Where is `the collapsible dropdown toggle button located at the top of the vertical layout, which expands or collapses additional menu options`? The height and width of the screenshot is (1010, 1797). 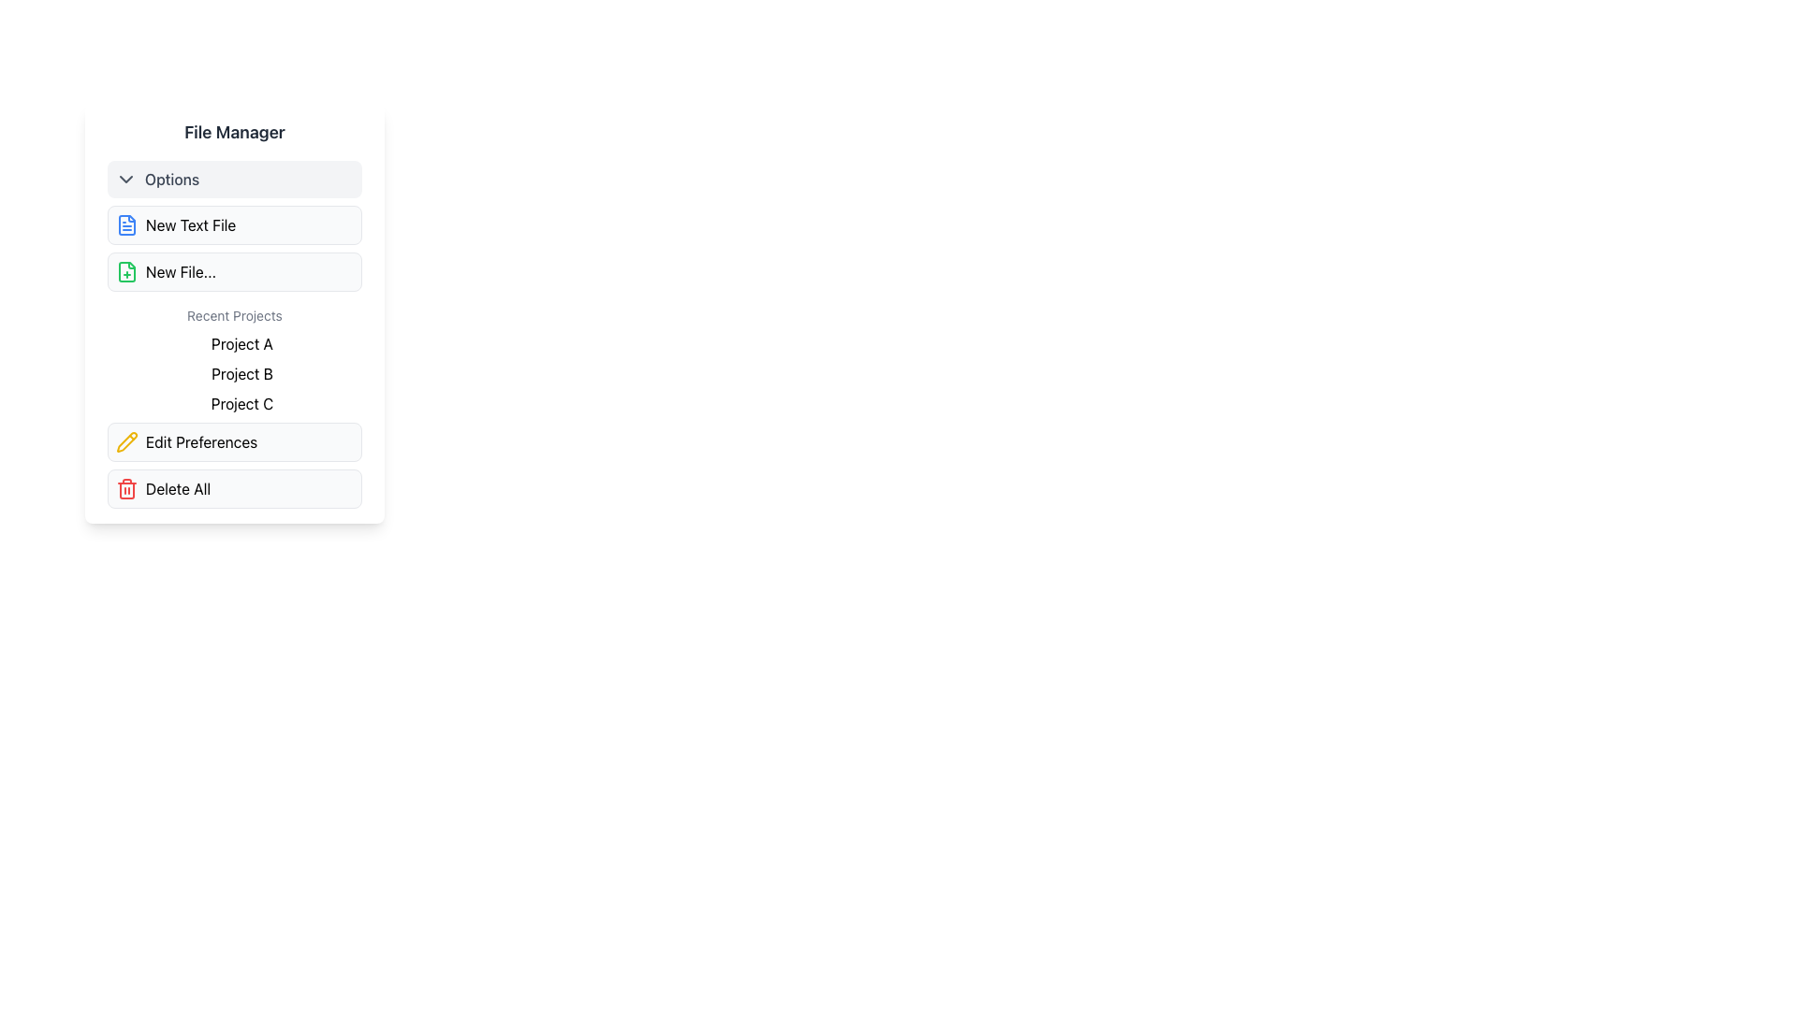
the collapsible dropdown toggle button located at the top of the vertical layout, which expands or collapses additional menu options is located at coordinates (233, 180).